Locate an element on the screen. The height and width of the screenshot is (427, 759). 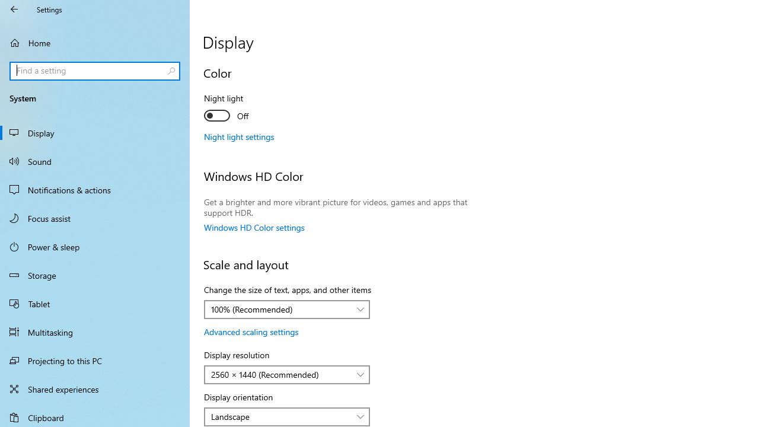
'Landscape' is located at coordinates (280, 416).